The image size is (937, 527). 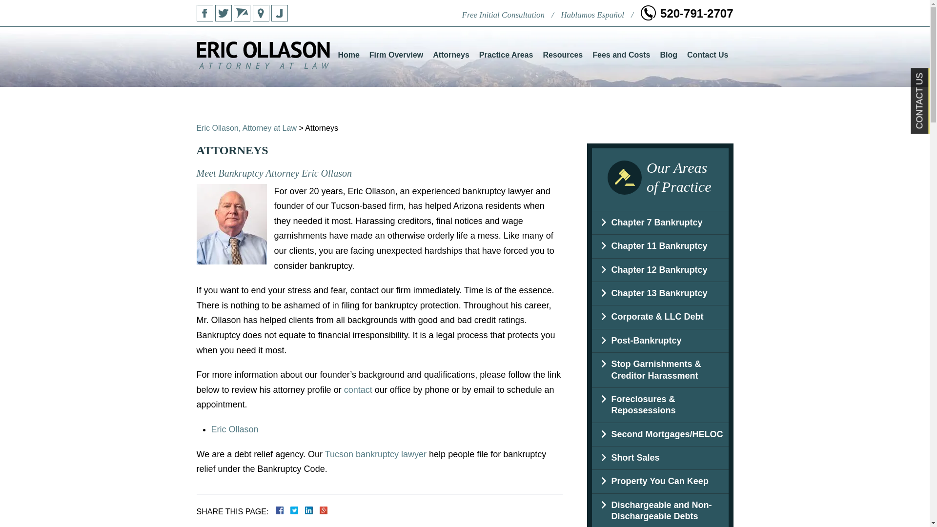 I want to click on 'Chapter 12 Bankruptcy', so click(x=660, y=270).